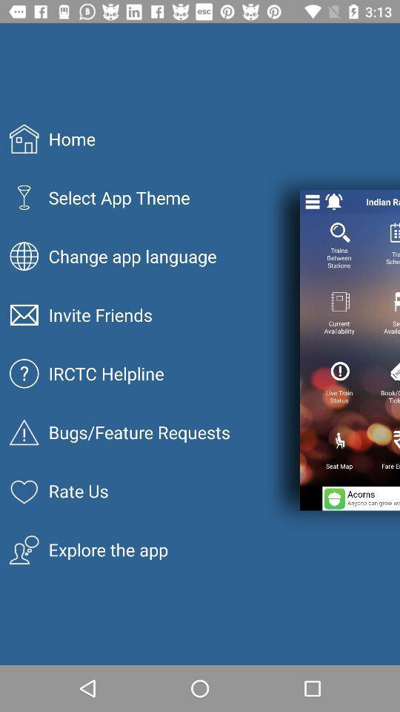 This screenshot has width=400, height=712. Describe the element at coordinates (334, 201) in the screenshot. I see `go back` at that location.